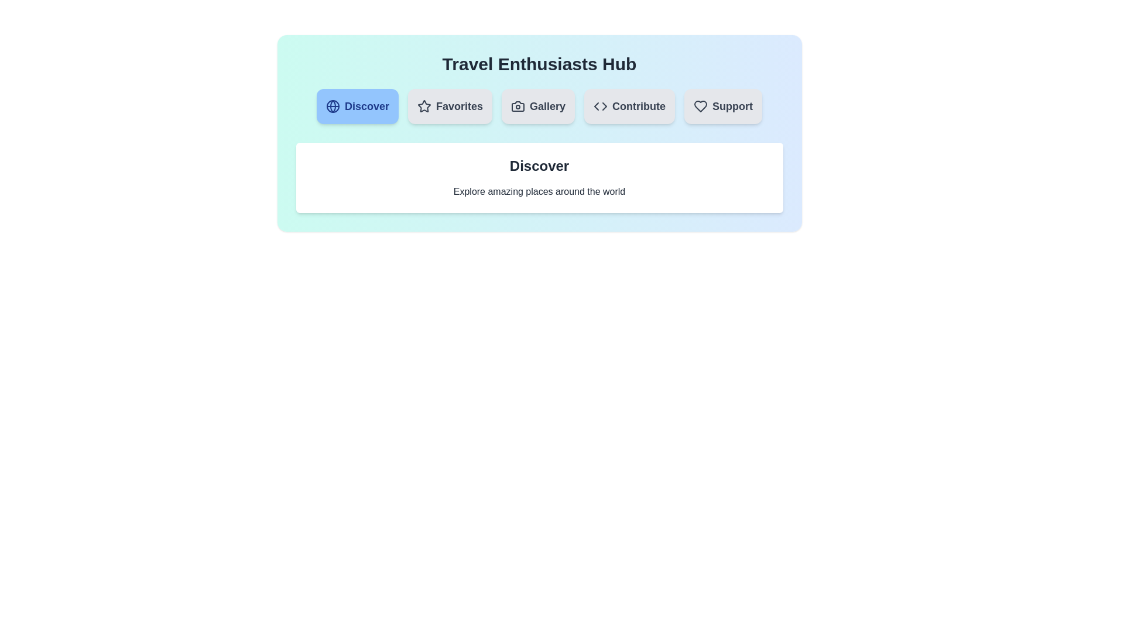 The image size is (1124, 632). Describe the element at coordinates (423, 106) in the screenshot. I see `the 'Favorites' icon located in the navigation menu, near the center top of the interface, next to the 'Discover' button` at that location.